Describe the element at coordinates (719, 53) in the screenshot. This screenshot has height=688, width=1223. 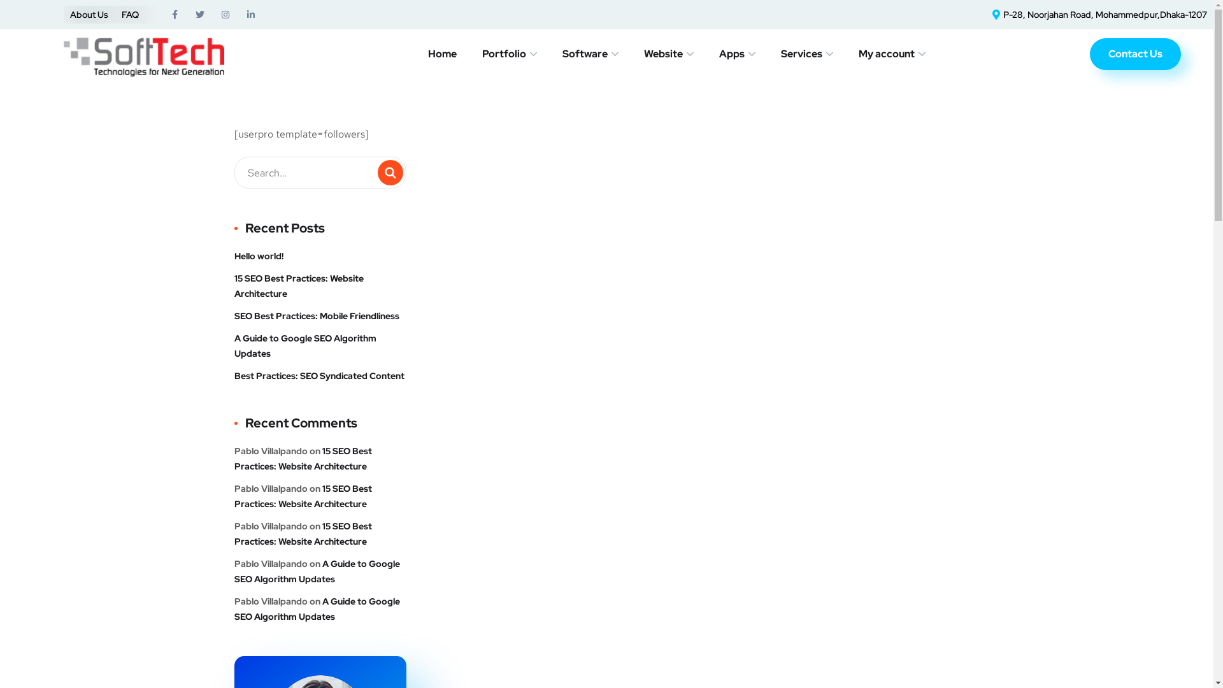
I see `'Apps'` at that location.